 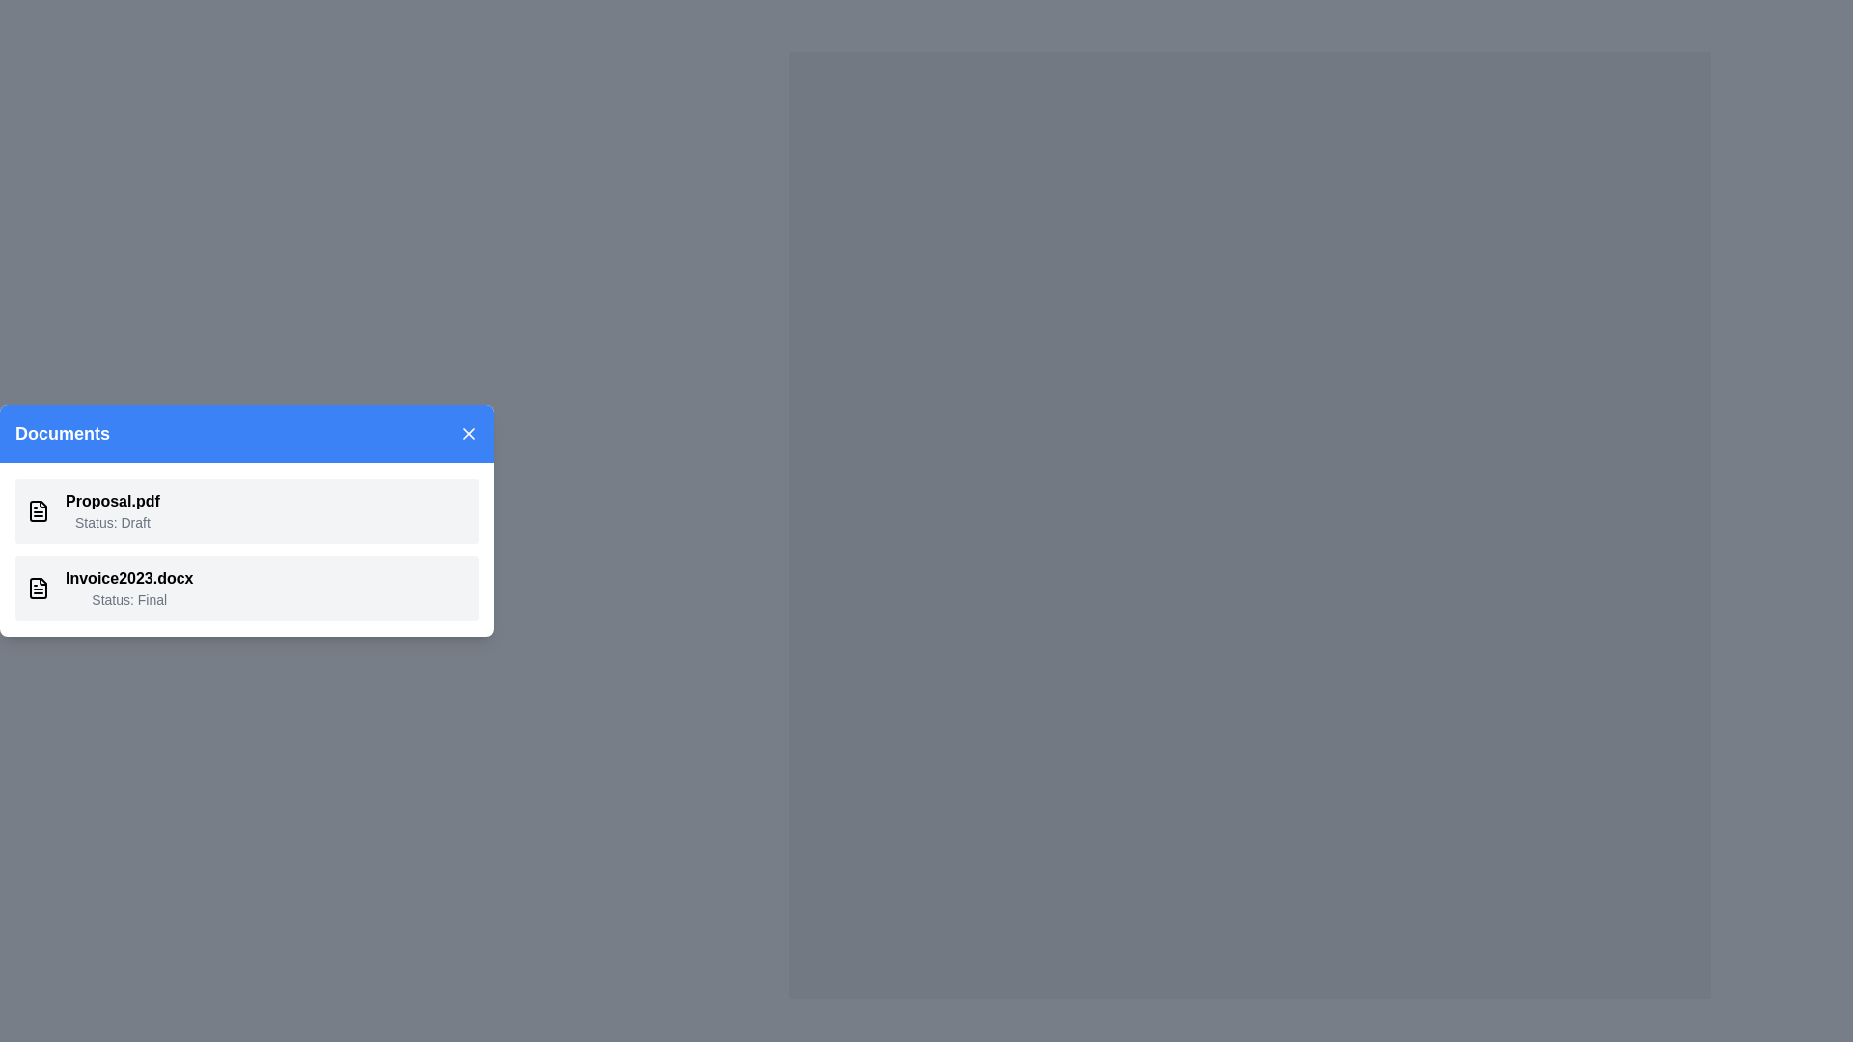 I want to click on the close button to close the dialog, so click(x=468, y=434).